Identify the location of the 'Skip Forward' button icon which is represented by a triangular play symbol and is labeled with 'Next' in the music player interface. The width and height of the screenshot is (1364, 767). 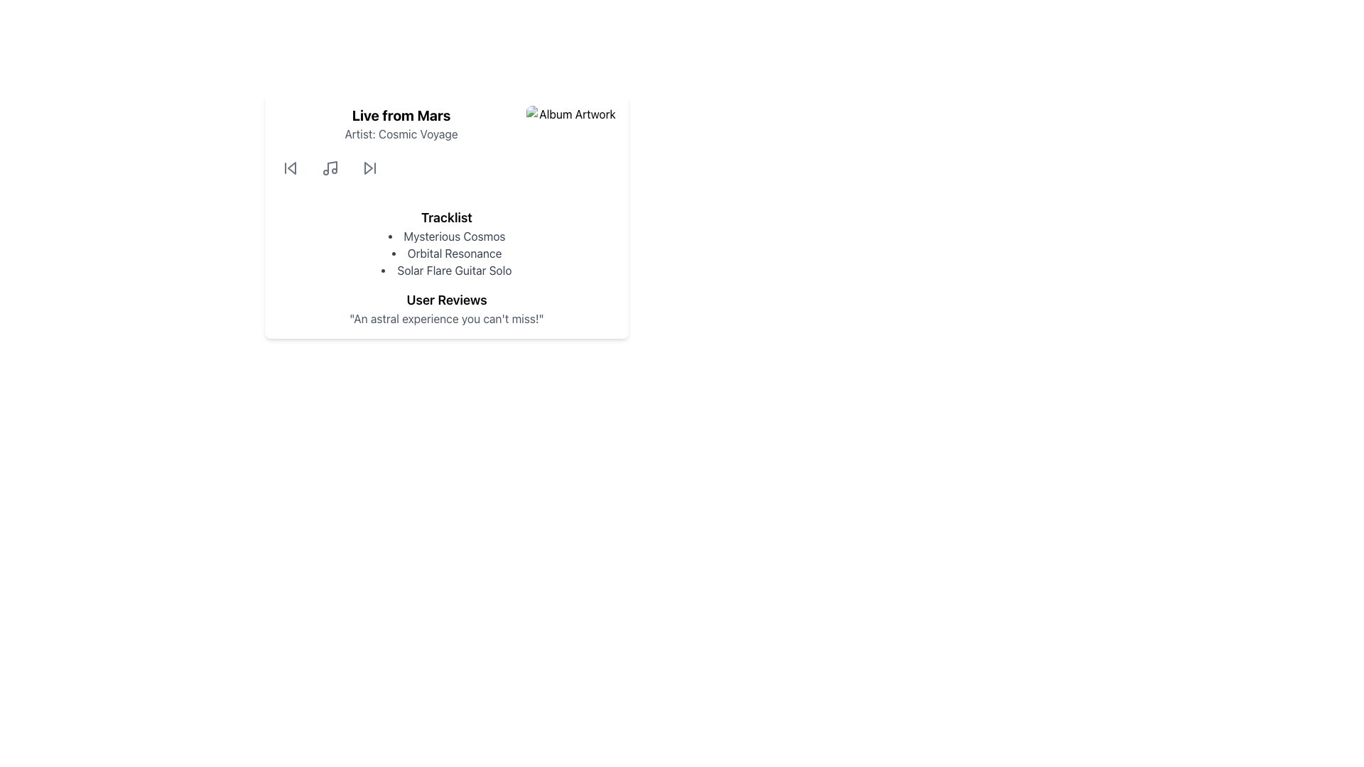
(370, 167).